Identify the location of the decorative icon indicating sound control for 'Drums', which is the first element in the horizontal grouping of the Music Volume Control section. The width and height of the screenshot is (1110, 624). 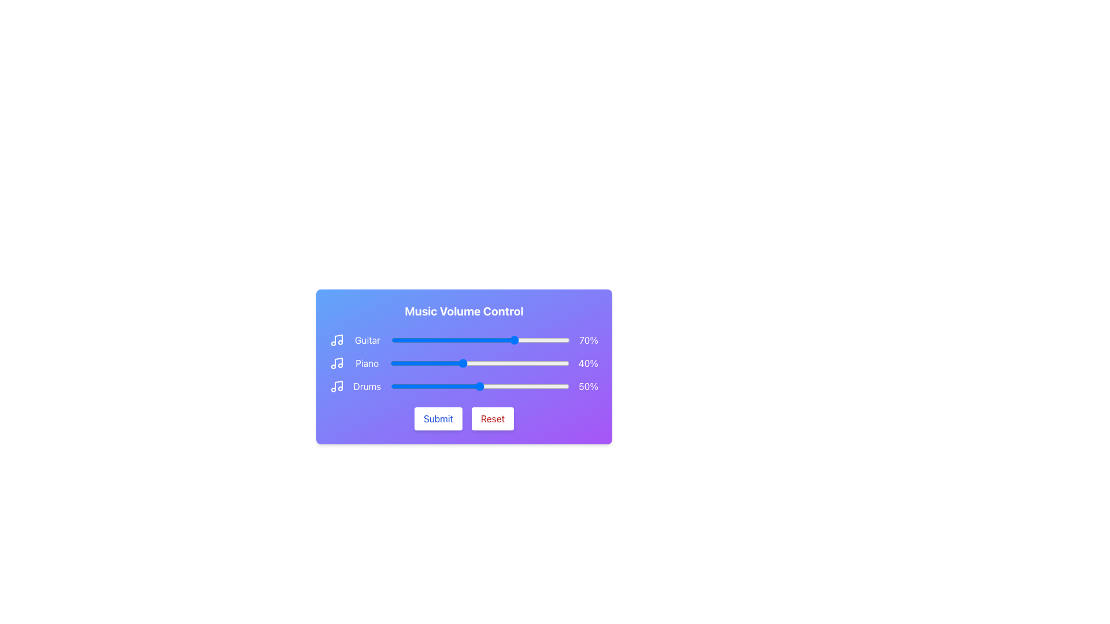
(336, 386).